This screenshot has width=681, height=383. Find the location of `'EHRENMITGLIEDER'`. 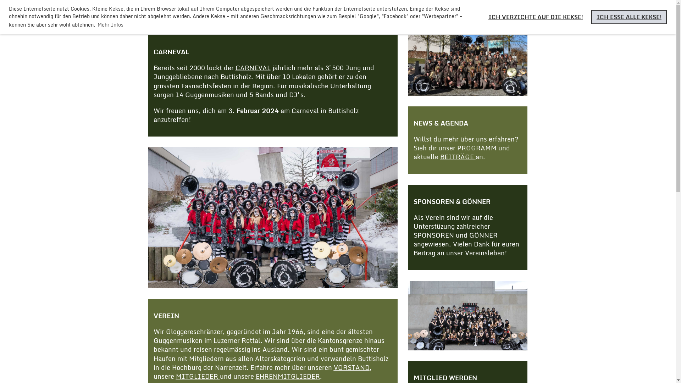

'EHRENMITGLIEDER' is located at coordinates (287, 376).